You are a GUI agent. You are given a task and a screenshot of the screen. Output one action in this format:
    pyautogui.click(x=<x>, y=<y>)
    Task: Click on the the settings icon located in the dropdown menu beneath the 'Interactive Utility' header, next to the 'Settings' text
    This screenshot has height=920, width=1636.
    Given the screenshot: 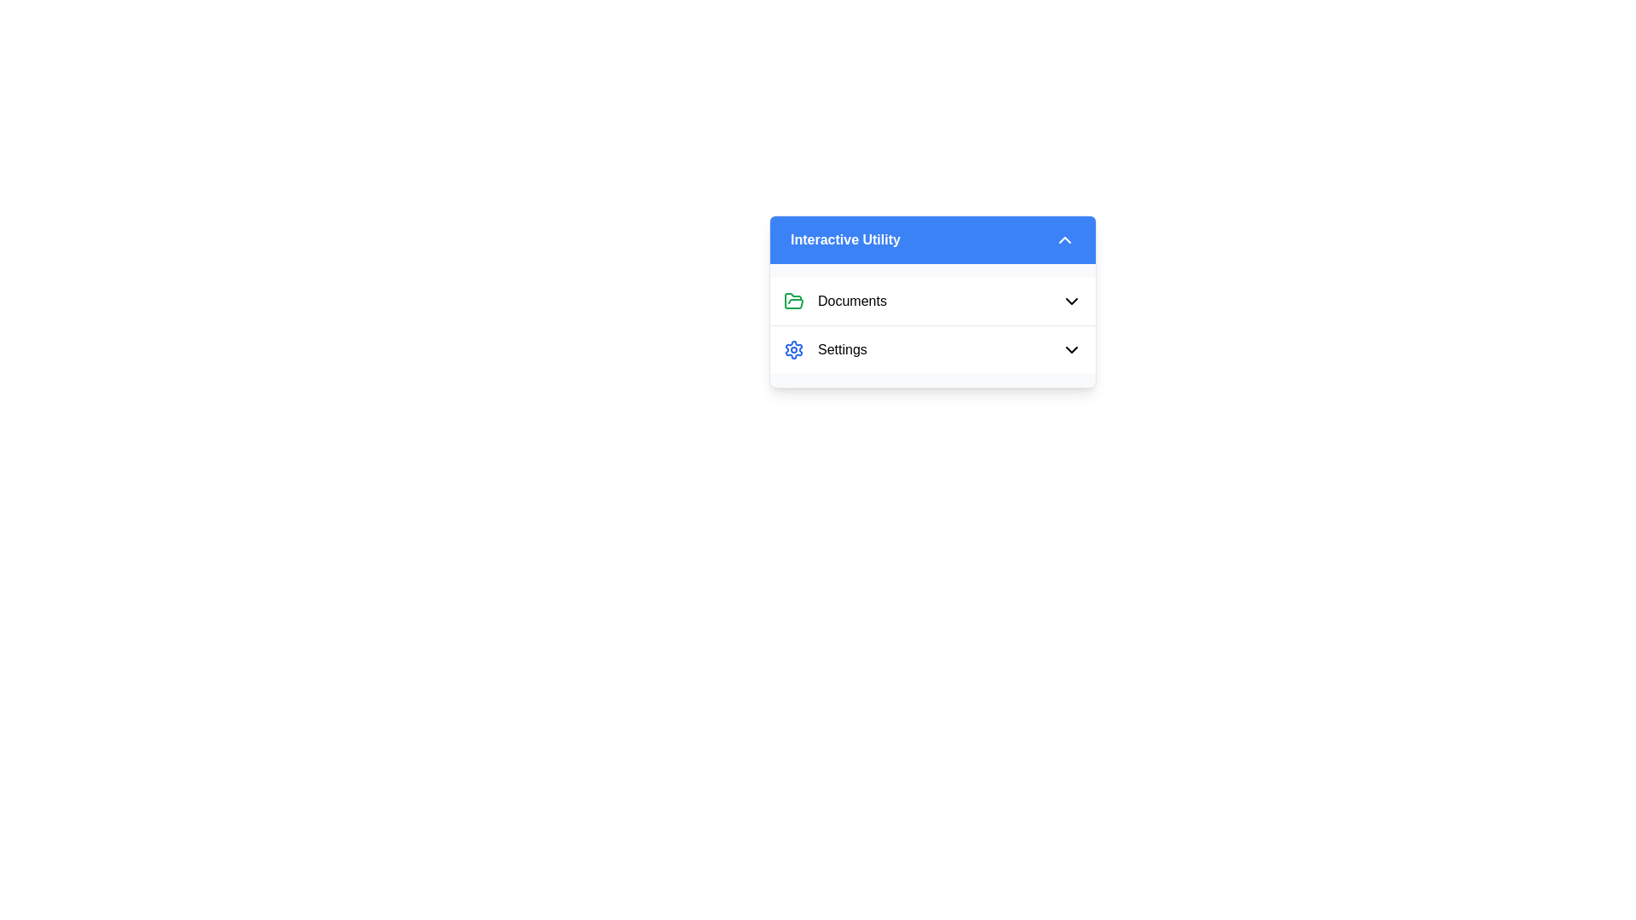 What is the action you would take?
    pyautogui.click(x=792, y=349)
    